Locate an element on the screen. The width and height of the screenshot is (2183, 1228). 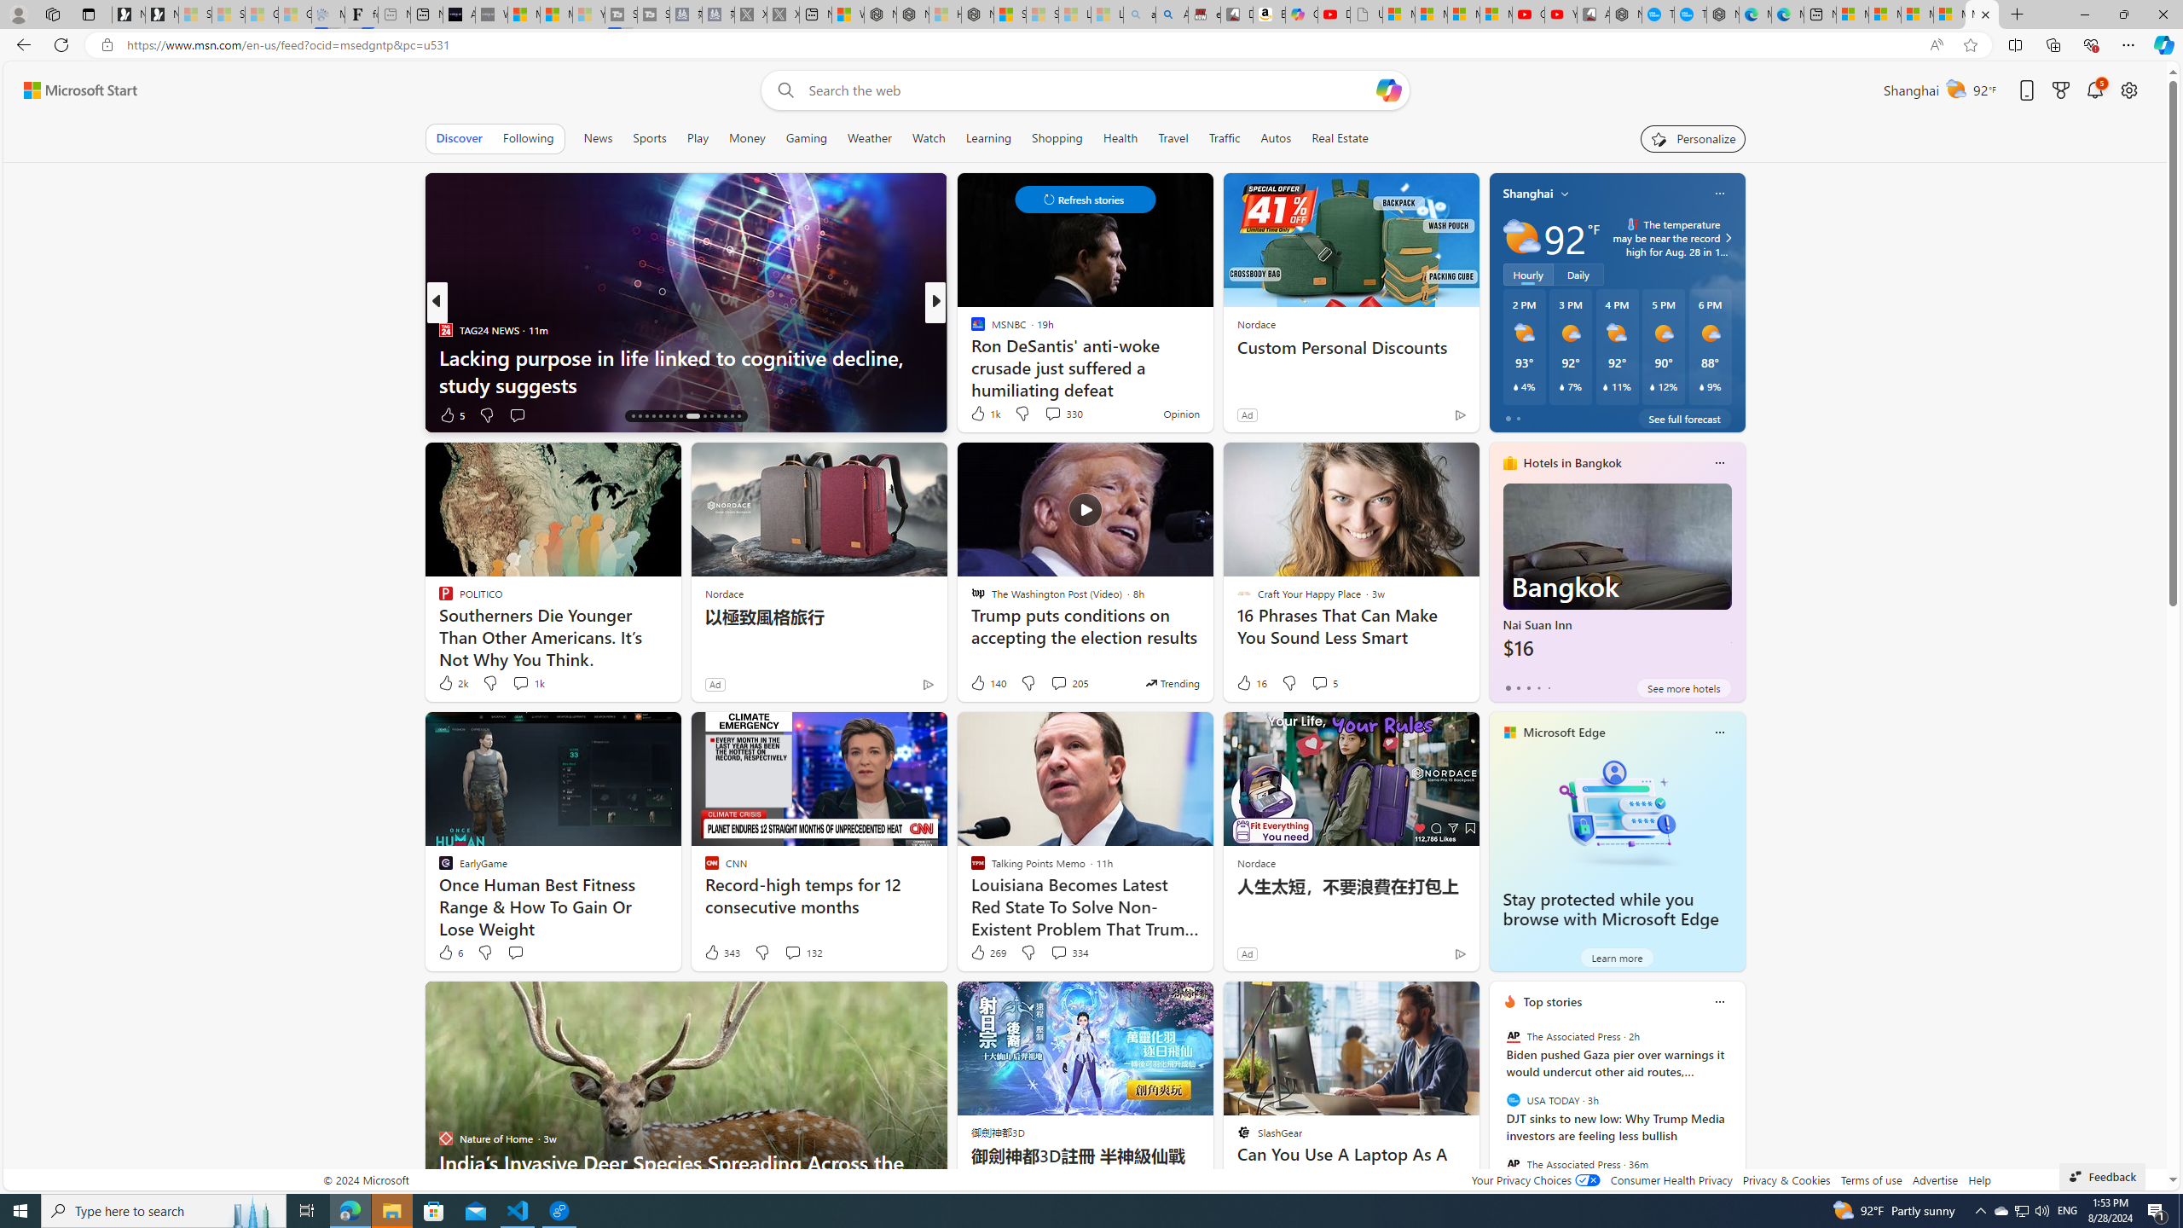
'View comments 334 Comment' is located at coordinates (1068, 951).